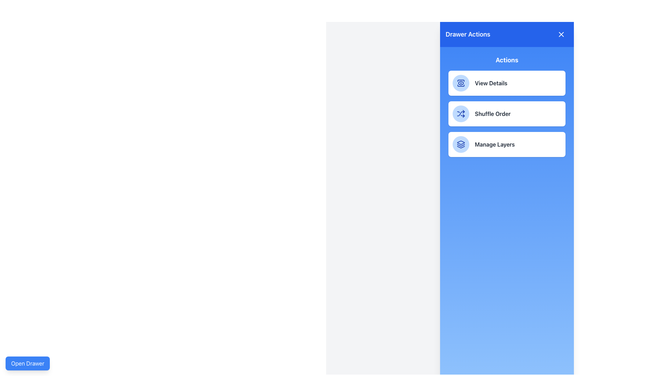 The width and height of the screenshot is (669, 376). What do you see at coordinates (491, 83) in the screenshot?
I see `the 'View Details' static text element, which is styled in bold and semi-dark font, located within the first button of three vertically aligned buttons in the drawer` at bounding box center [491, 83].